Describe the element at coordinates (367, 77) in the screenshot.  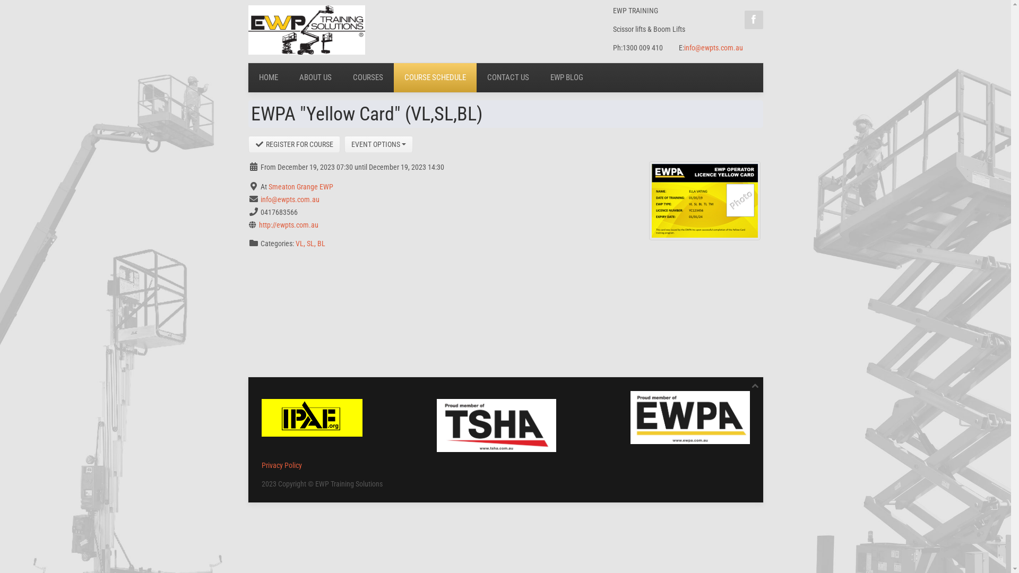
I see `'COURSES'` at that location.